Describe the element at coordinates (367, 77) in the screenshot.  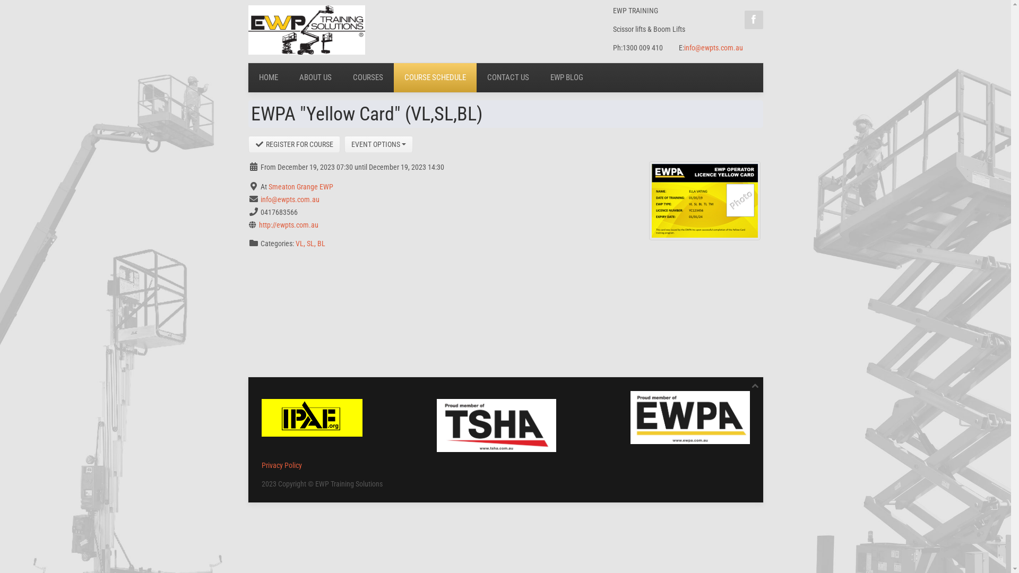
I see `'COURSES'` at that location.